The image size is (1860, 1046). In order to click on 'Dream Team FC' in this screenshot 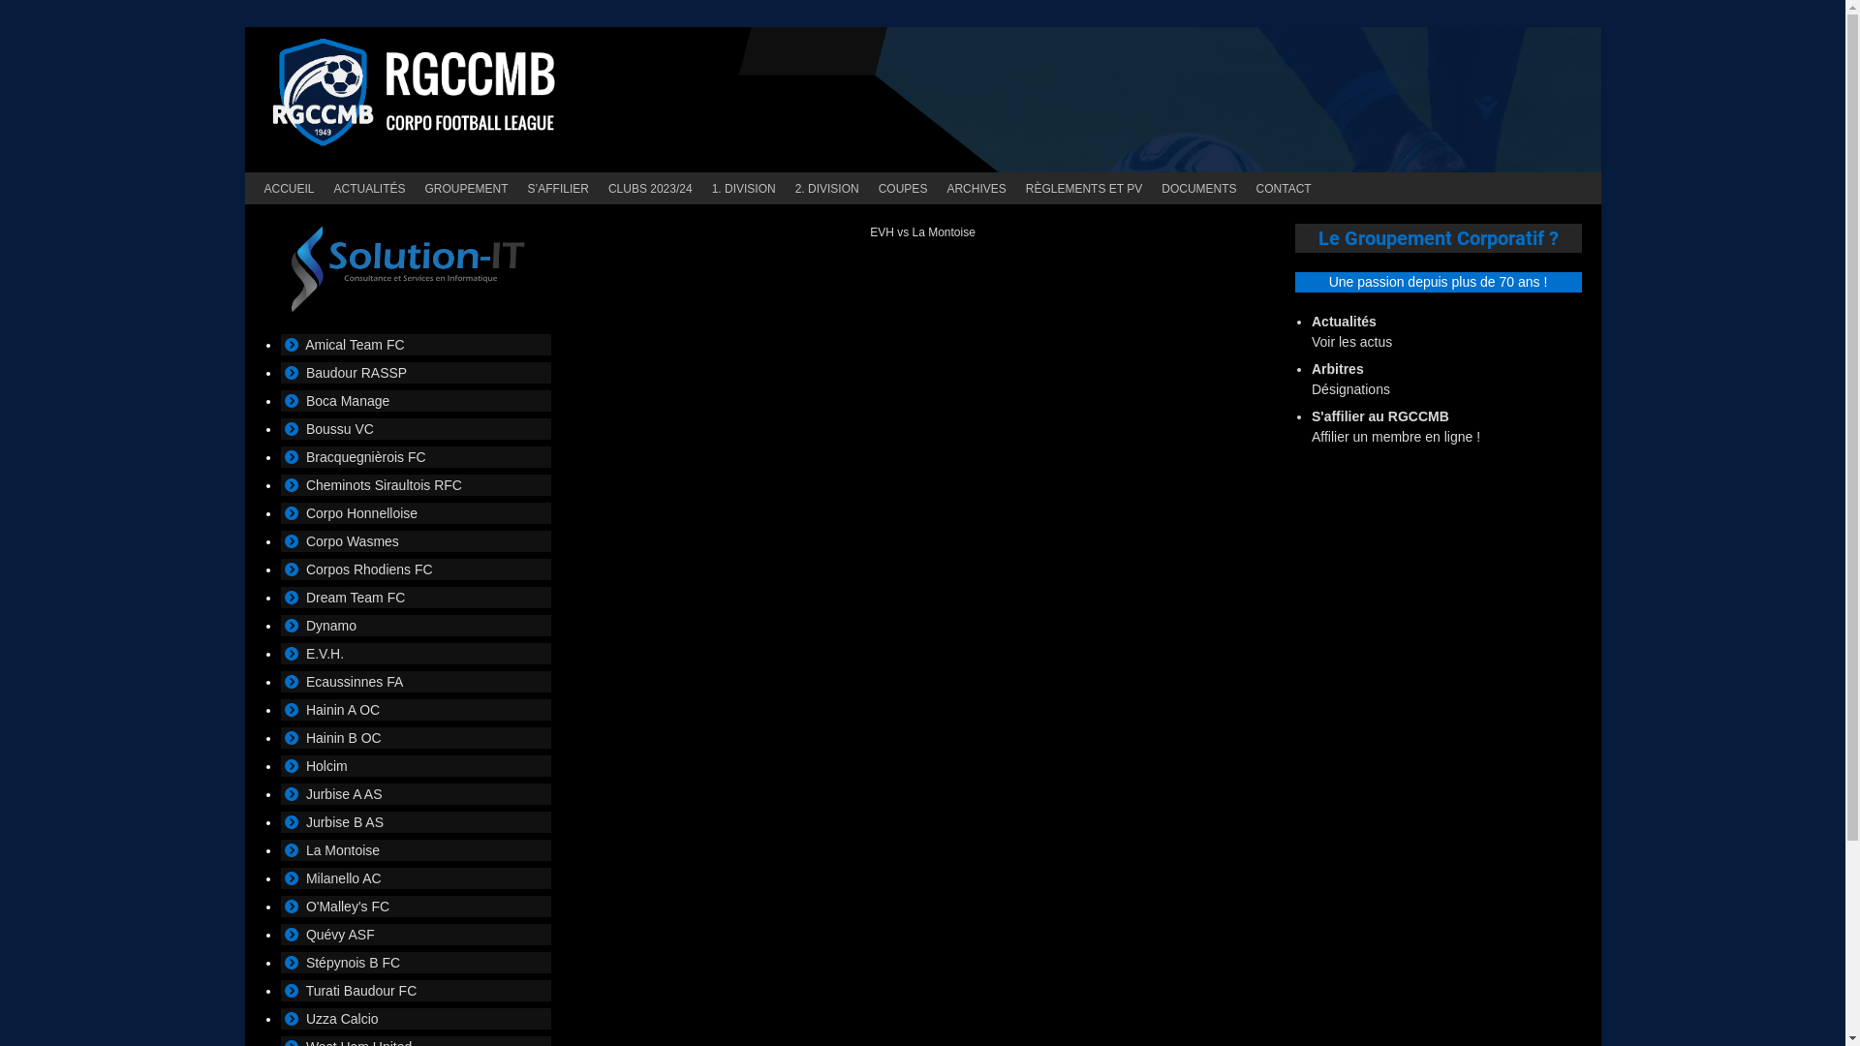, I will do `click(305, 597)`.